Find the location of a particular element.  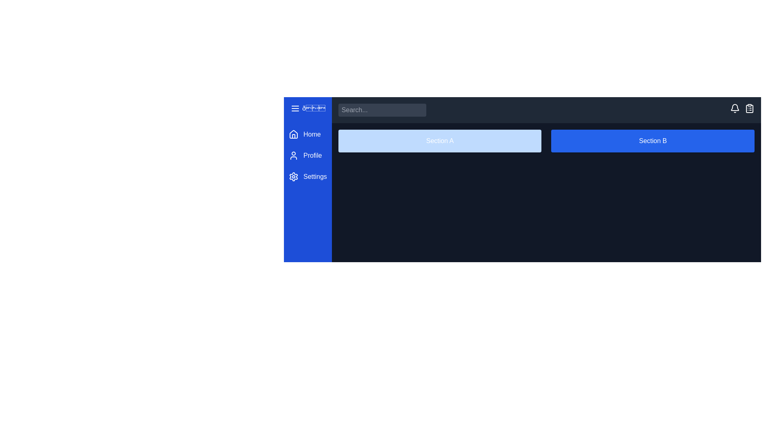

the house-shaped icon at the top of the vertical navigation bar is located at coordinates (293, 134).